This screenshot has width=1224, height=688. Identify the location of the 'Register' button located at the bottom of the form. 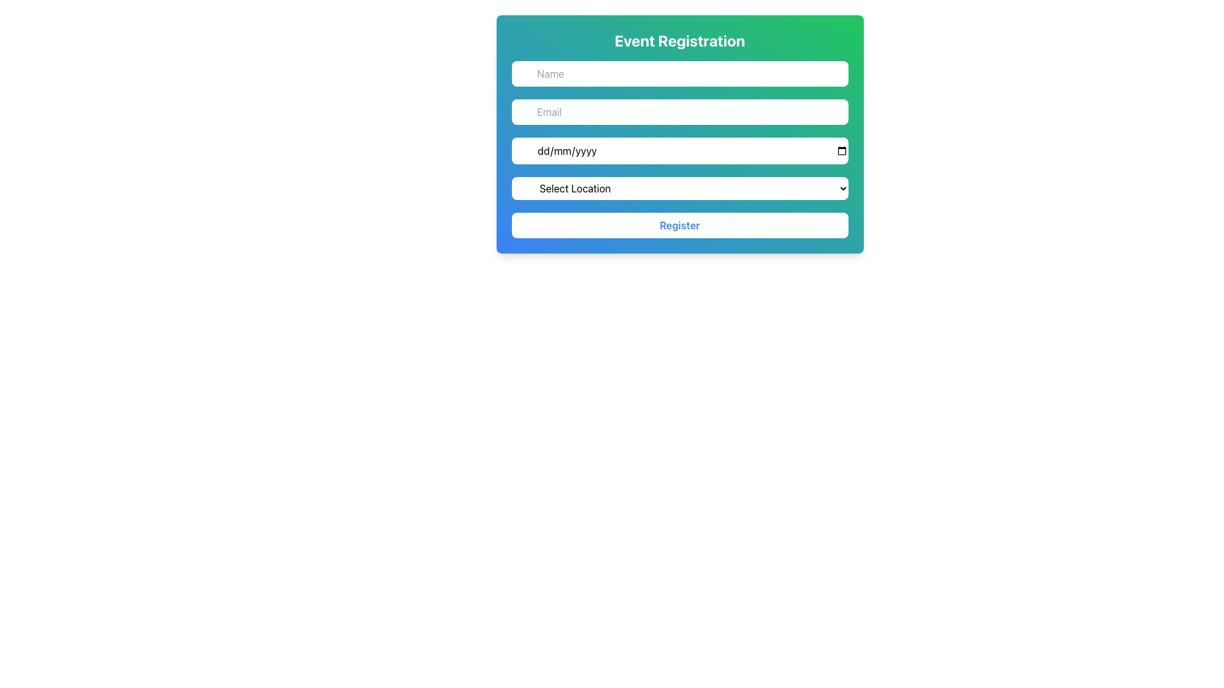
(679, 225).